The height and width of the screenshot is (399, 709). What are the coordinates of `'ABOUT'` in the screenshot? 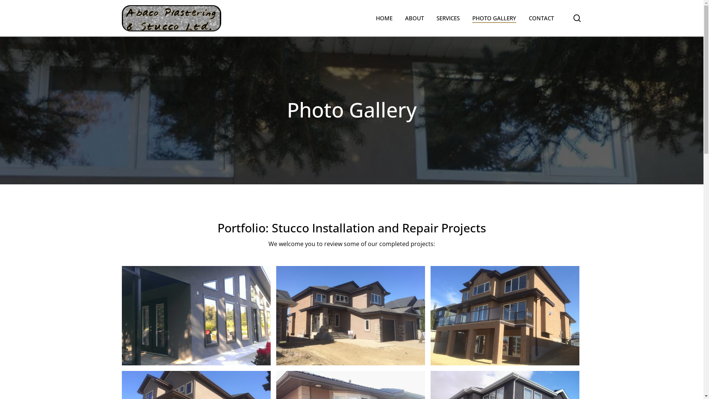 It's located at (414, 18).